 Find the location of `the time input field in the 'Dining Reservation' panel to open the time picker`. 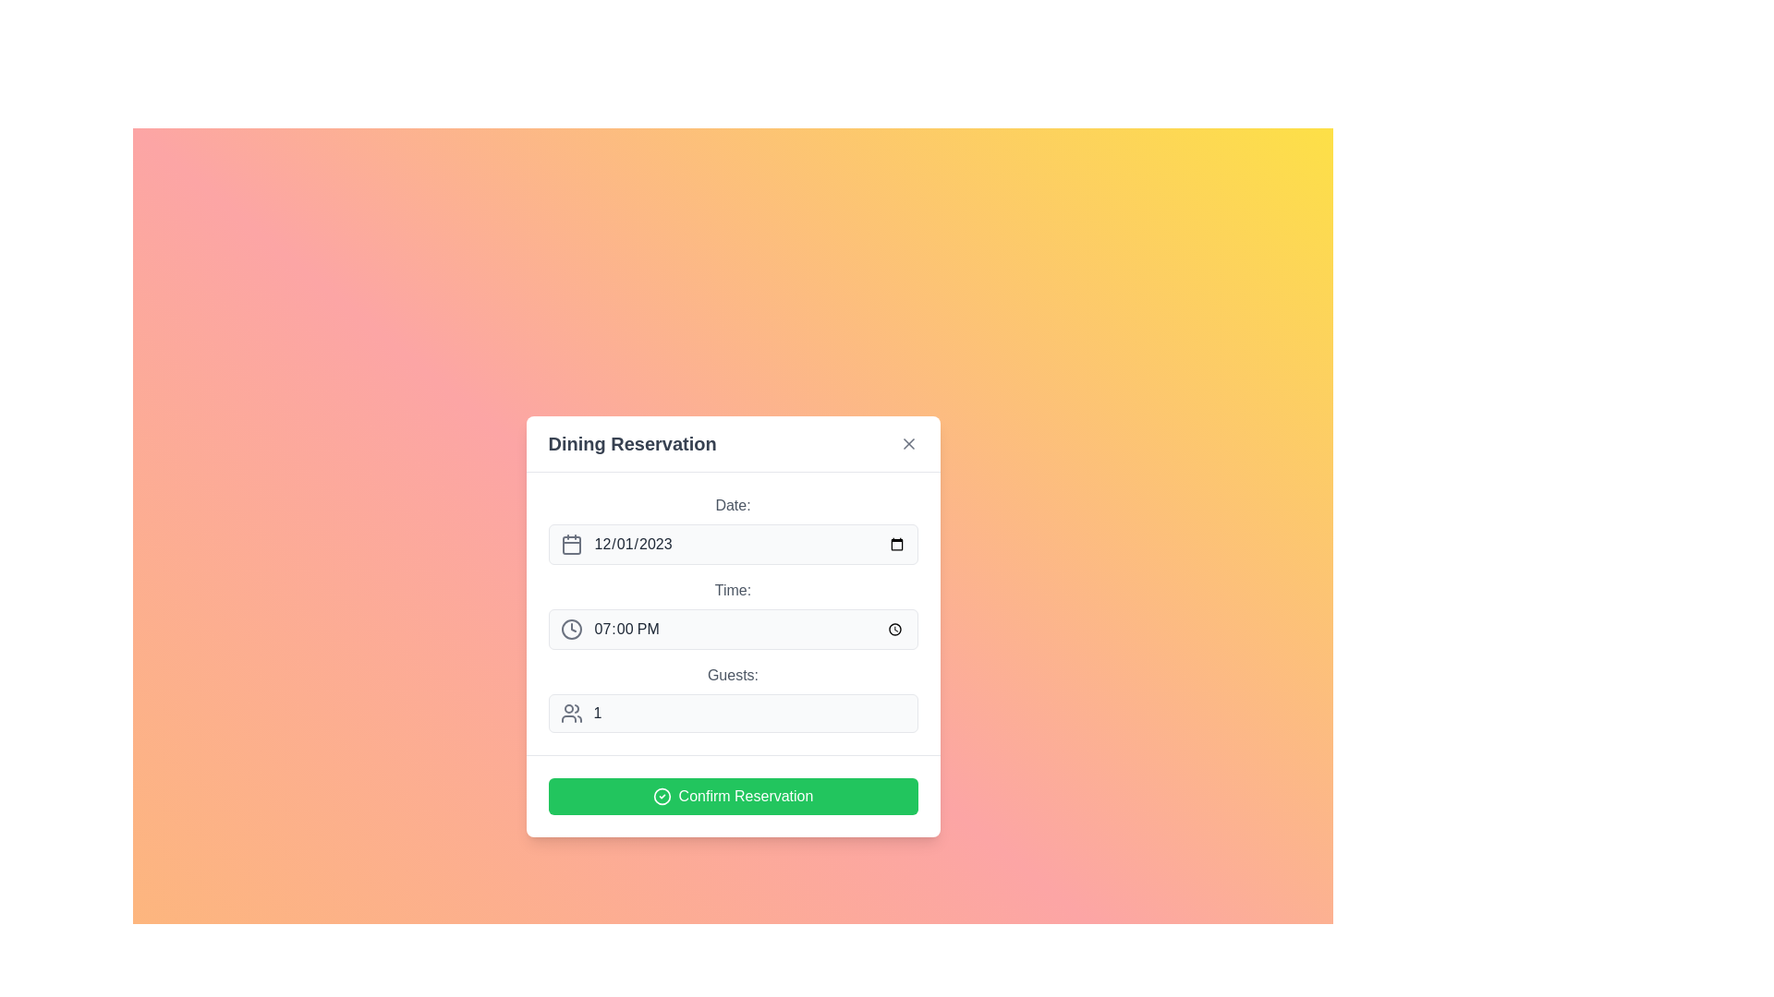

the time input field in the 'Dining Reservation' panel to open the time picker is located at coordinates (732, 615).